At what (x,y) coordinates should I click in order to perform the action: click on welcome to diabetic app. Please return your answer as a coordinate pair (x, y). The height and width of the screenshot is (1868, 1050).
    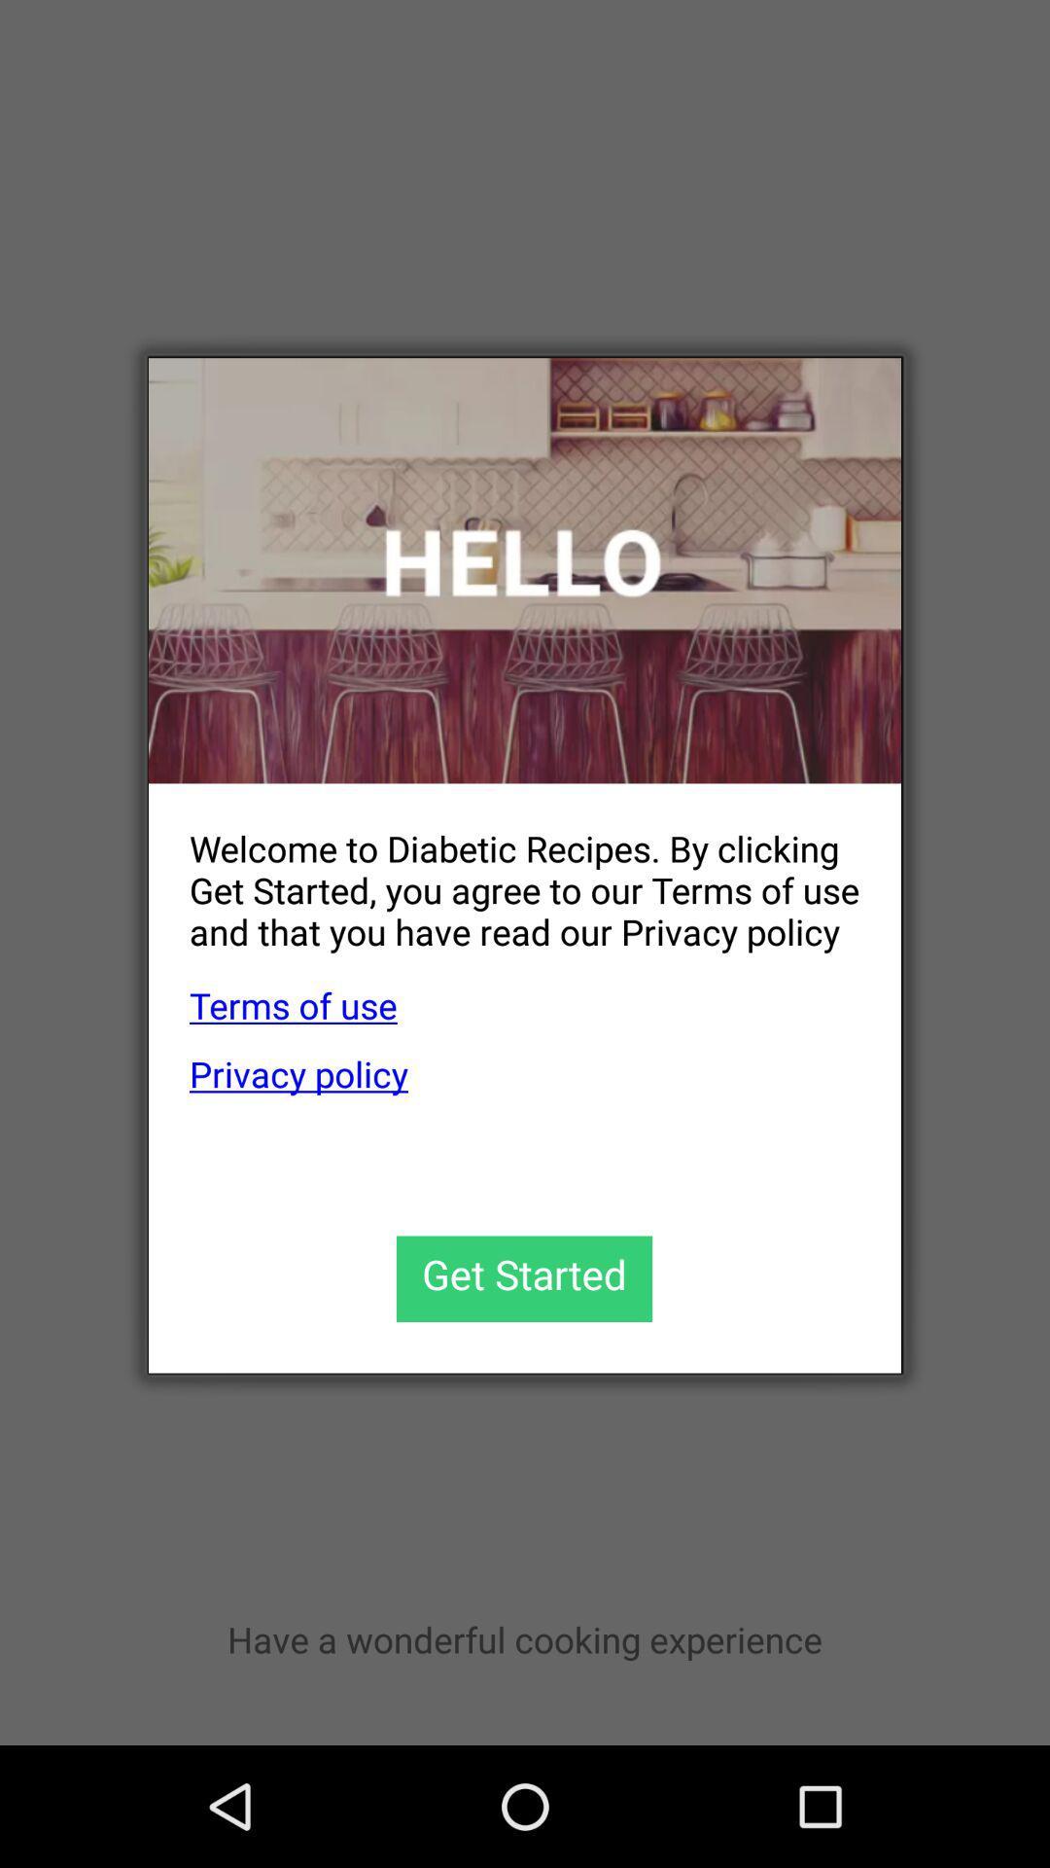
    Looking at the image, I should click on (504, 874).